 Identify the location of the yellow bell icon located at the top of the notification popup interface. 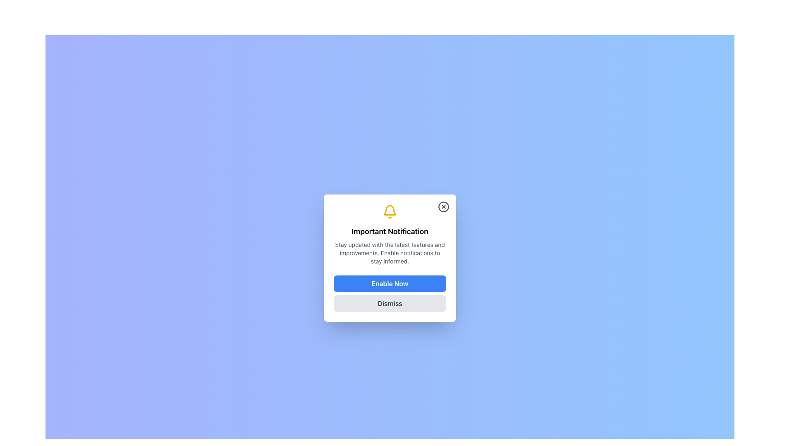
(389, 211).